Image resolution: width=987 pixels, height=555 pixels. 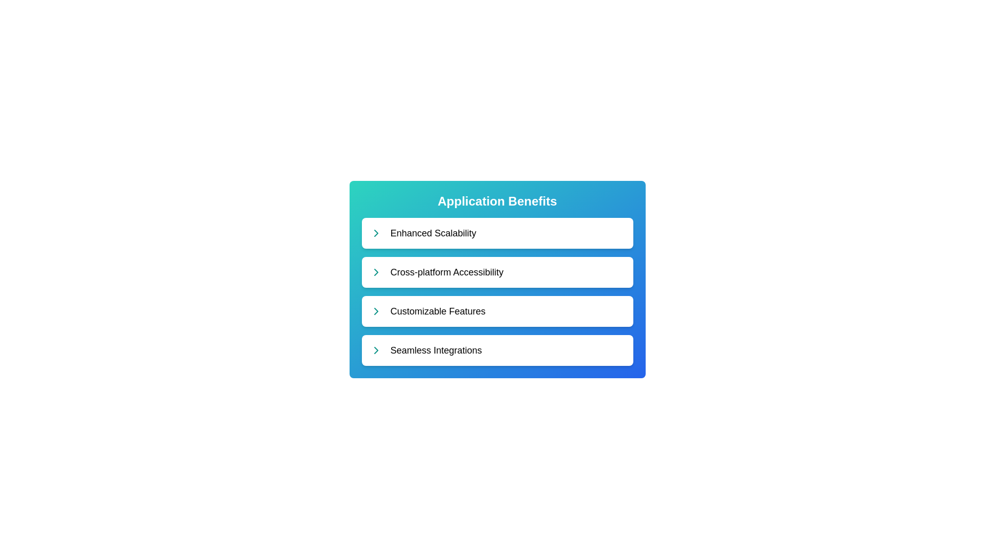 What do you see at coordinates (438, 310) in the screenshot?
I see `the text label in the third row of the 'Application Benefits' section, which is positioned to the right of the right-arrow icon` at bounding box center [438, 310].